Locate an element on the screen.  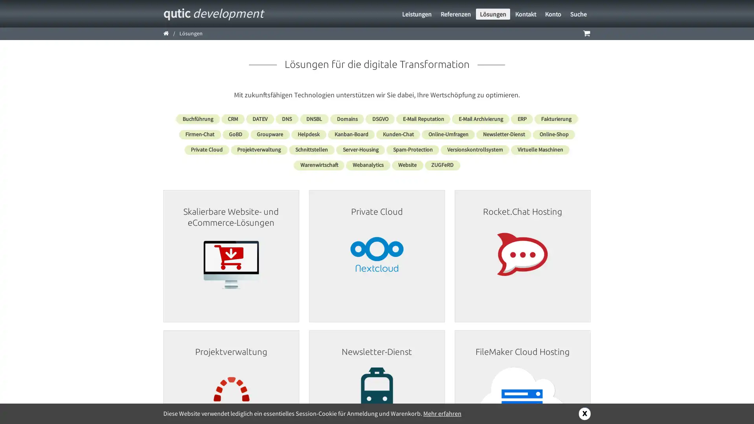
Hinweis ausblenden is located at coordinates (584, 413).